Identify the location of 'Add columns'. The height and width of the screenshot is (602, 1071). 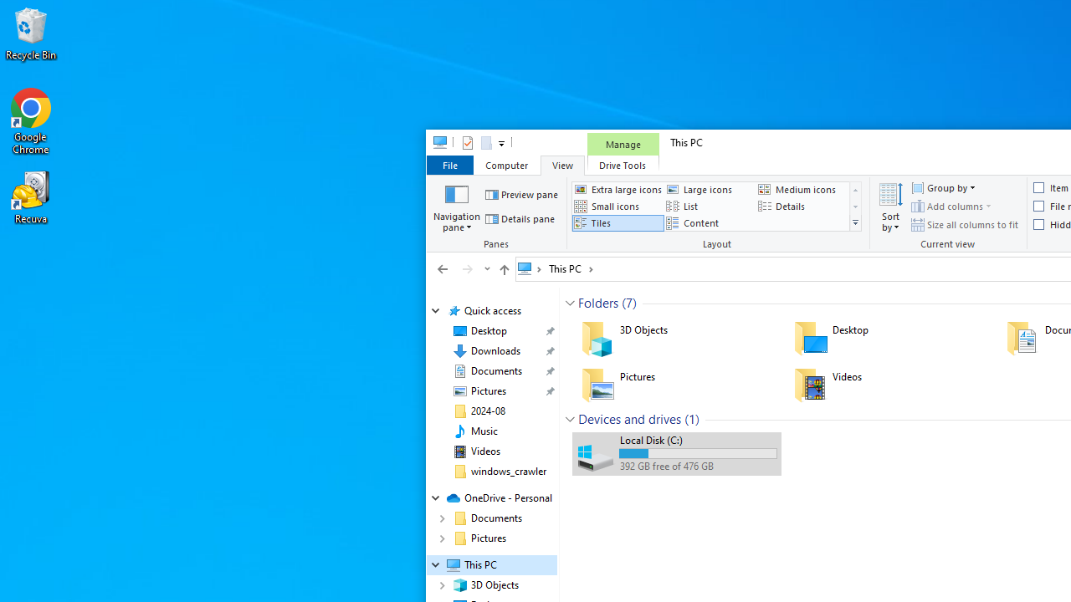
(951, 205).